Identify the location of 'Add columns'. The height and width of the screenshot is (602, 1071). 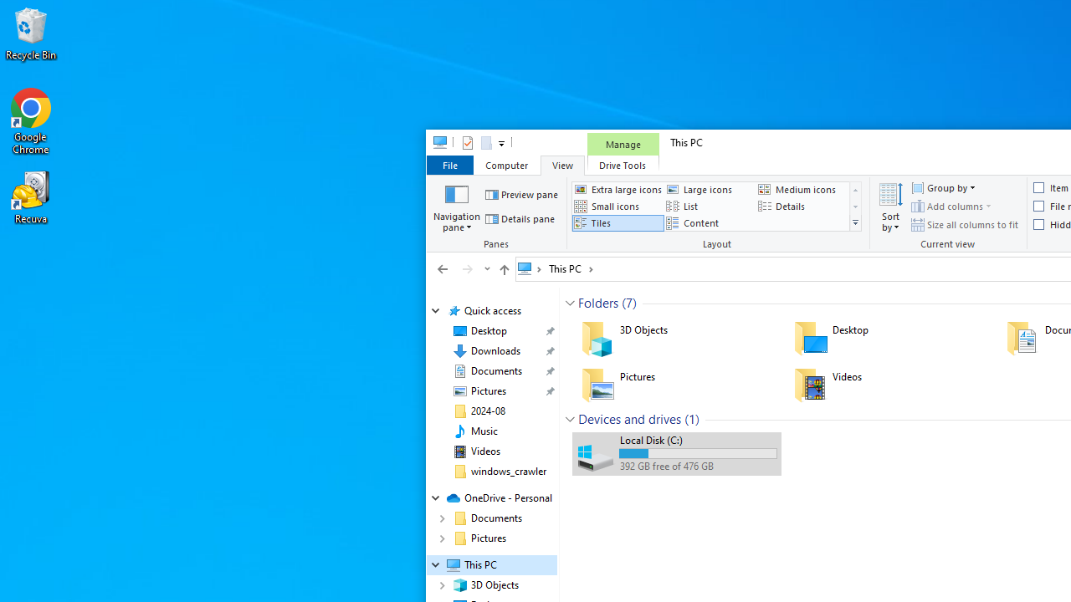
(951, 205).